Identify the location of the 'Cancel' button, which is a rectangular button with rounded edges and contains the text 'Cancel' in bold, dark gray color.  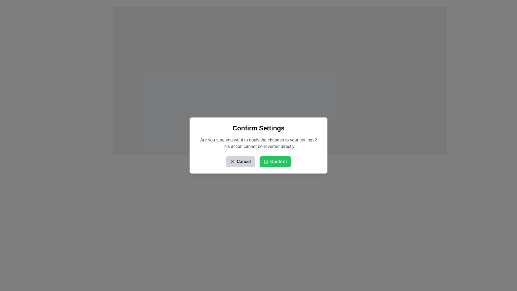
(240, 161).